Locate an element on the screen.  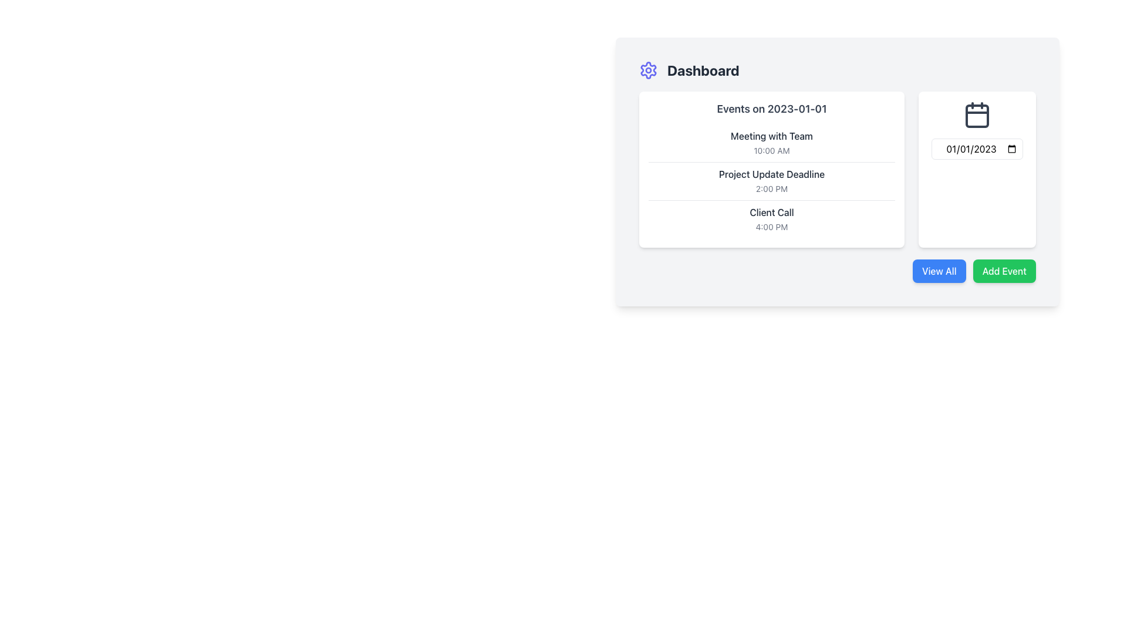
the title 'Meeting with Team' is located at coordinates (772, 142).